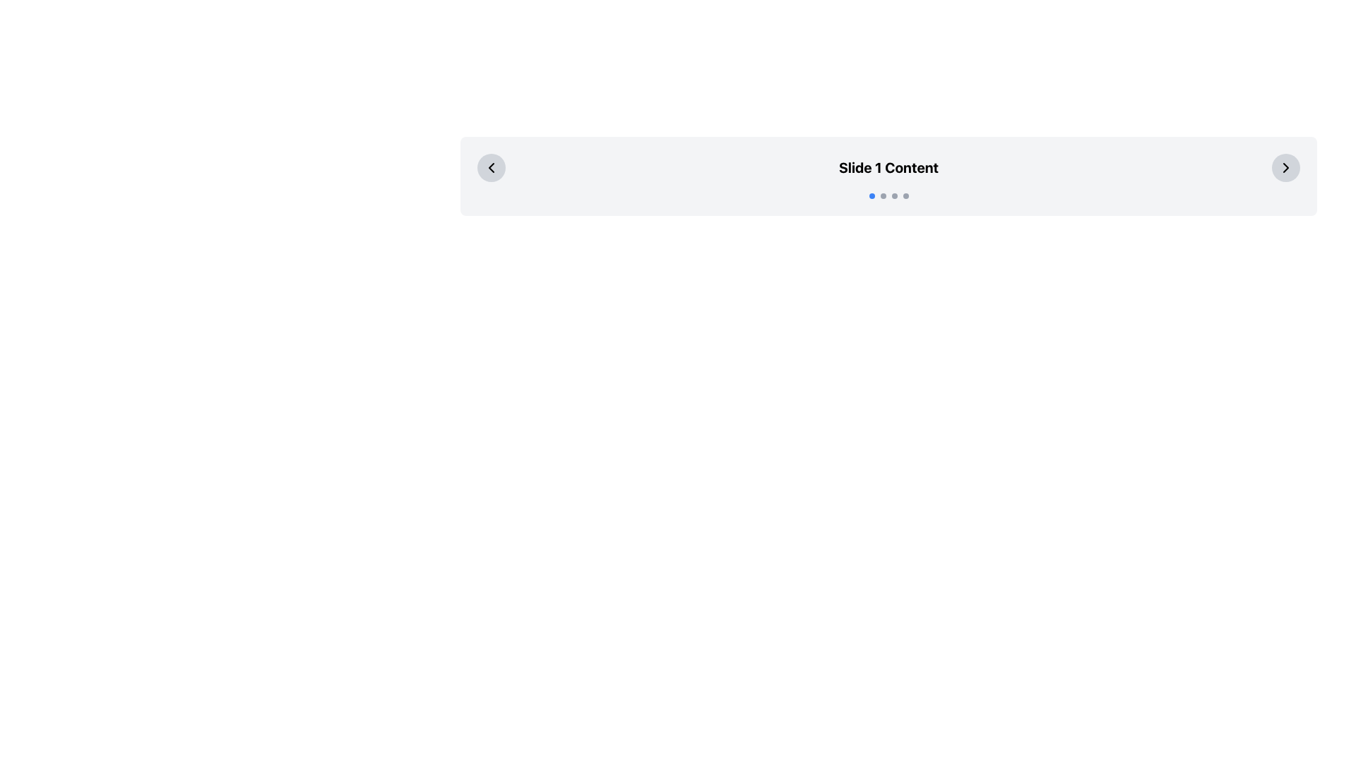 The image size is (1356, 762). I want to click on the forward navigation button located at the far-right corner of the navigation bar, so click(1285, 167).